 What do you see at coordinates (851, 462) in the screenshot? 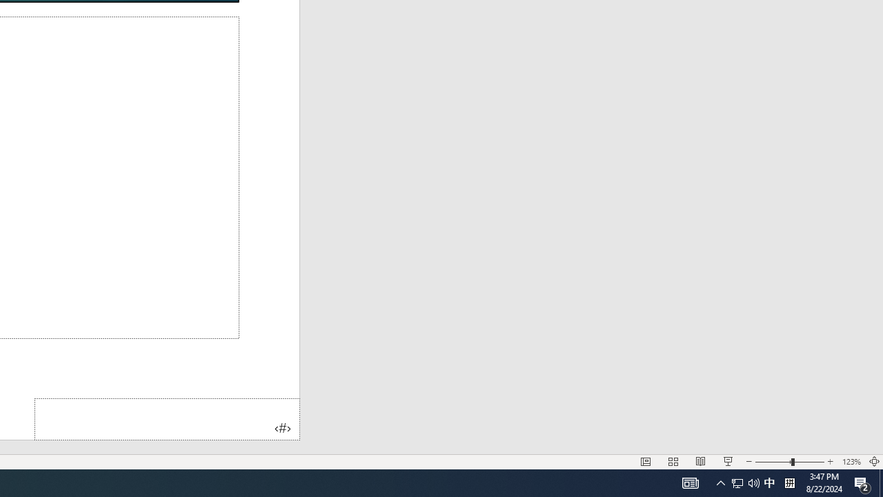
I see `'Zoom 123%'` at bounding box center [851, 462].